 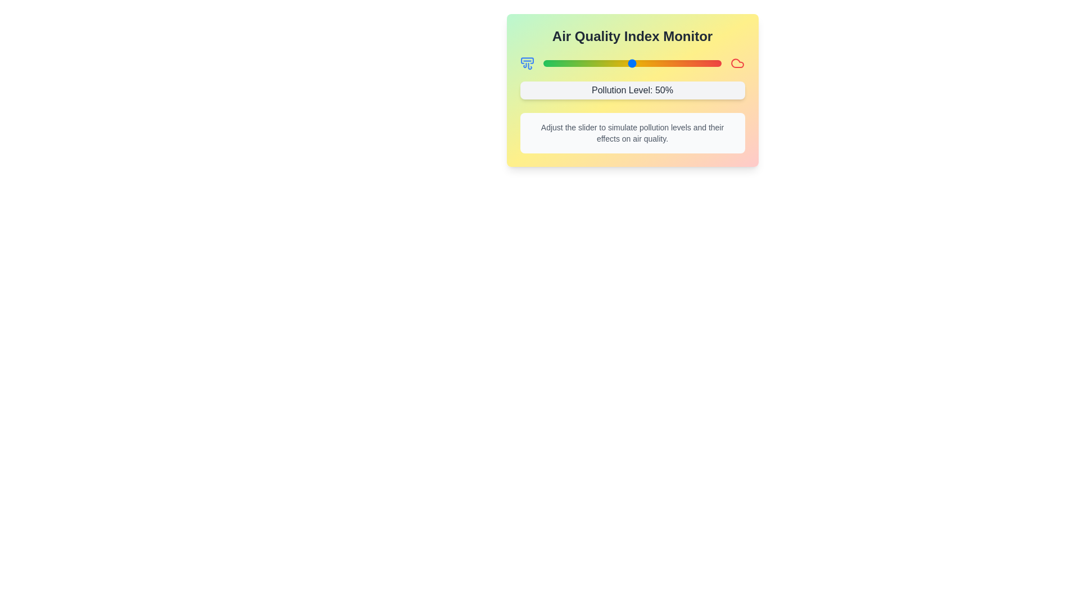 I want to click on the pollution level slider to 55%, so click(x=641, y=63).